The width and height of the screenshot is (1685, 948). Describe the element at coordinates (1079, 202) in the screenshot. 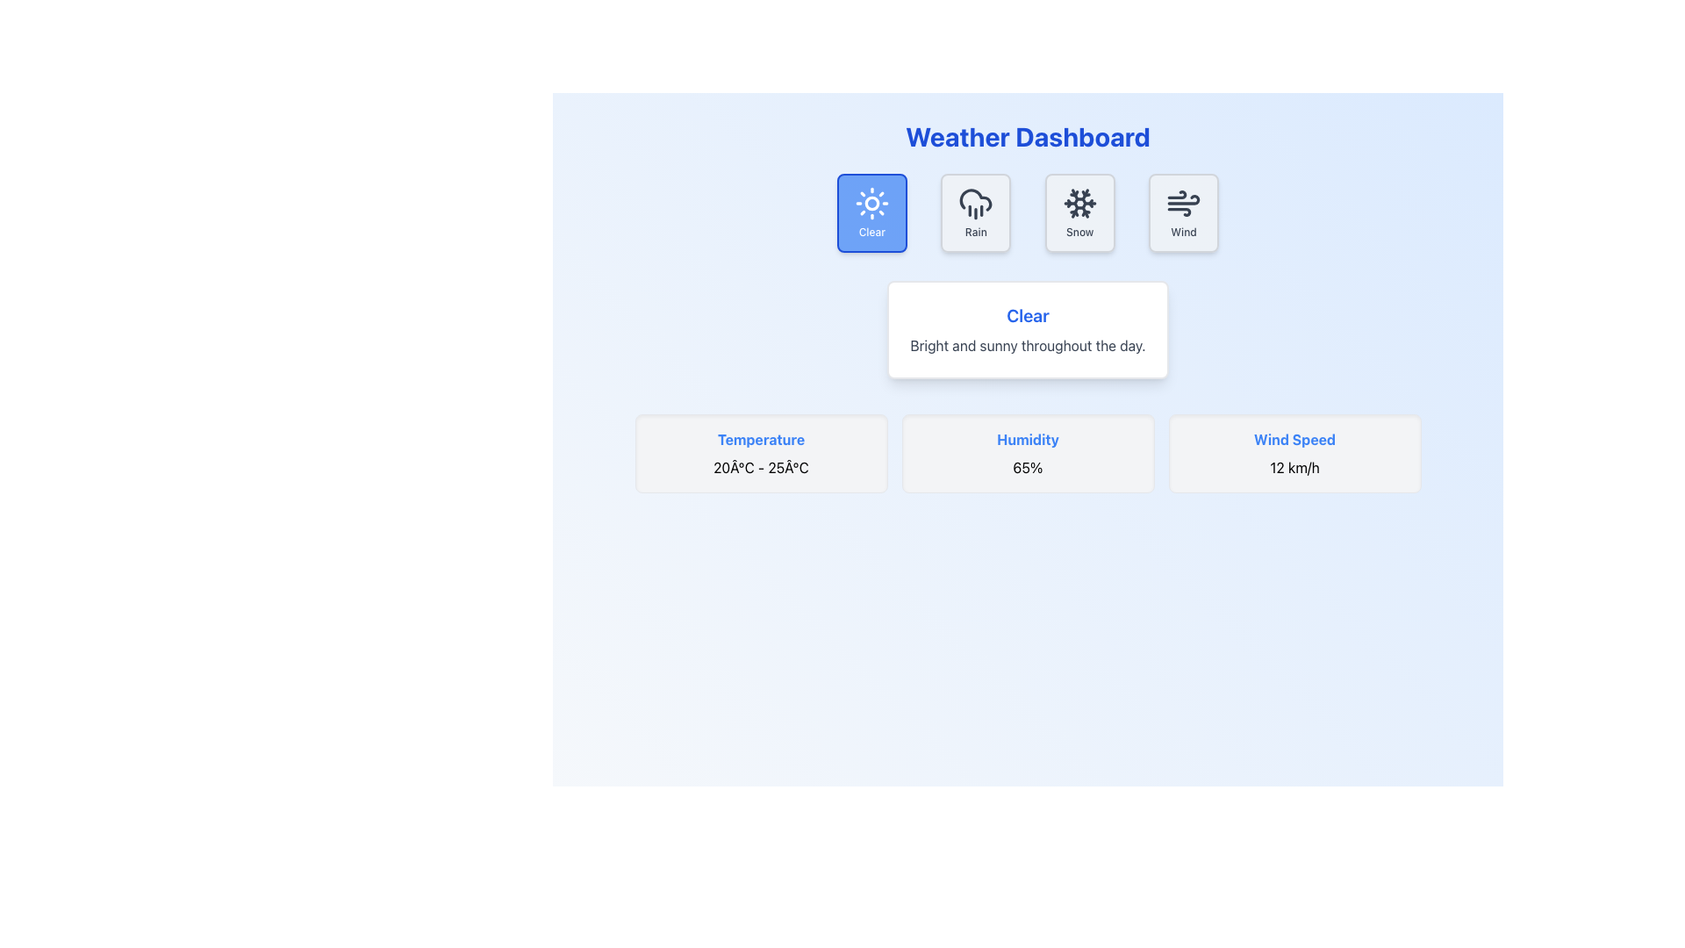

I see `the snowflake icon in the 'Snow' card` at that location.